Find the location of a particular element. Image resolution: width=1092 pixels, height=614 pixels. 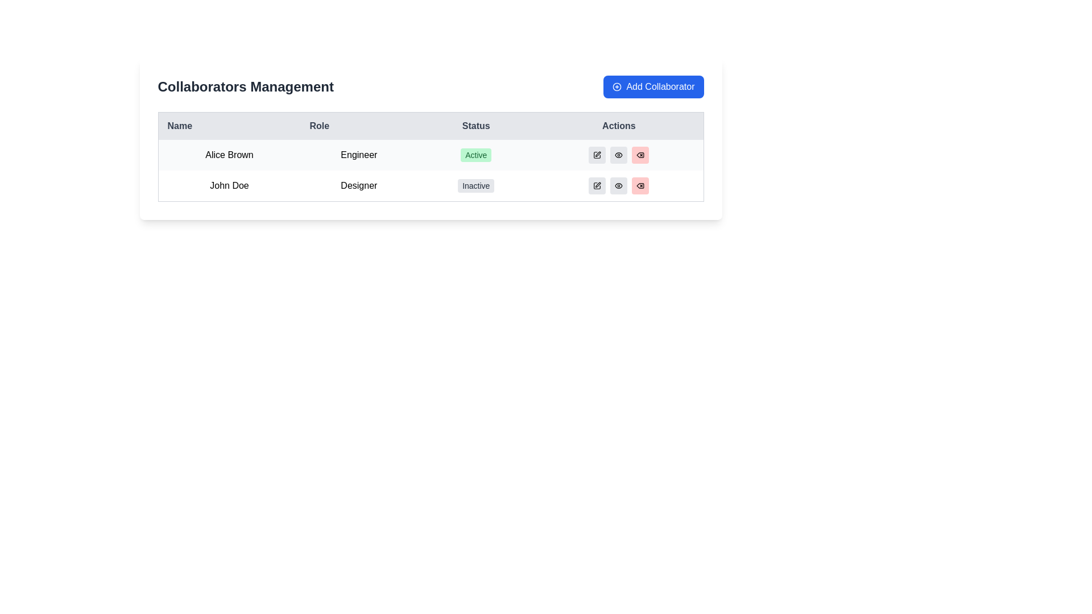

the edit icon button located in the 'Actions' column of the first row of the table to initiate an edit action is located at coordinates (597, 155).